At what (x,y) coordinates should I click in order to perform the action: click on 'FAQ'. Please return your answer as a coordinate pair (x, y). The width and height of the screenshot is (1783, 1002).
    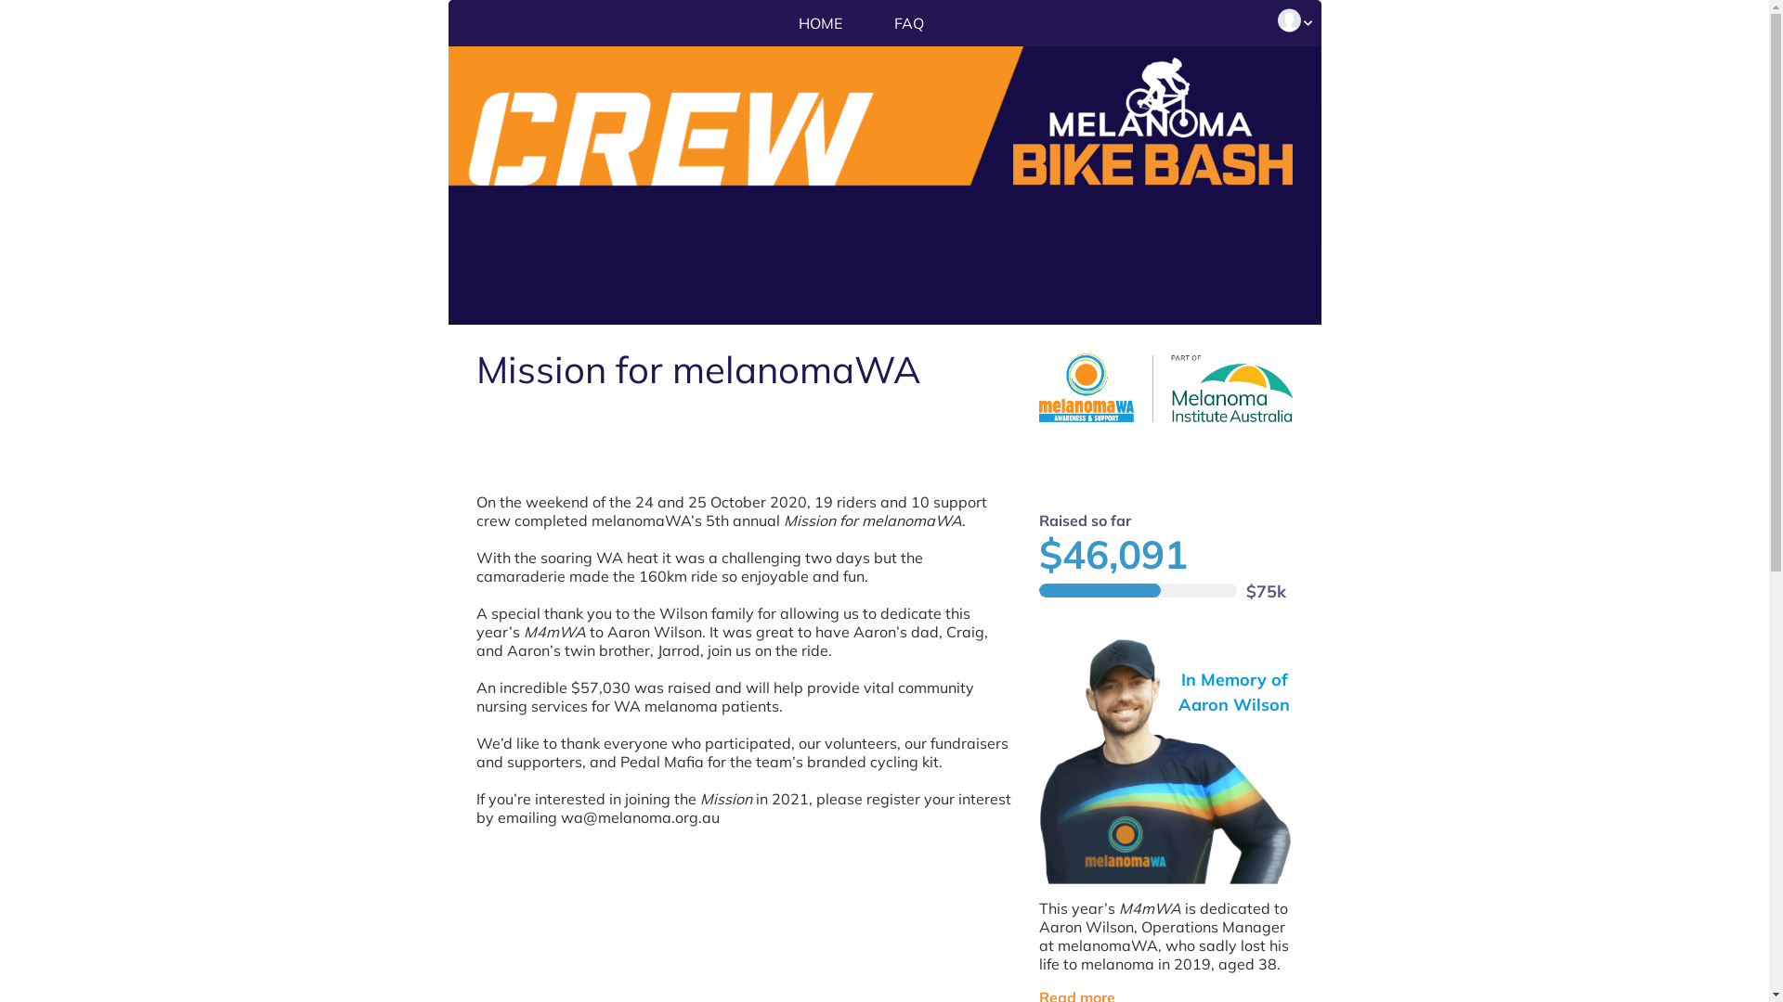
    Looking at the image, I should click on (868, 23).